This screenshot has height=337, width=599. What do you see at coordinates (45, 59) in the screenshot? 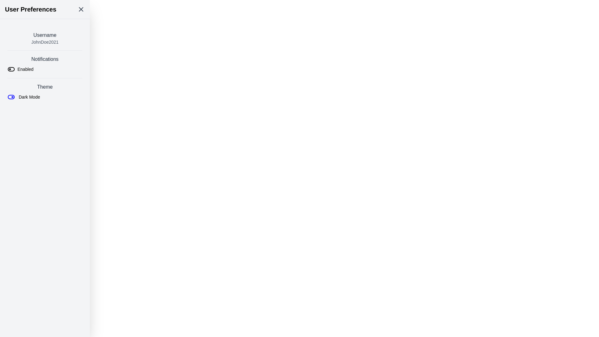
I see `the label indicating notification settings located centrally in the left-aligned column layout, just below the username section` at bounding box center [45, 59].